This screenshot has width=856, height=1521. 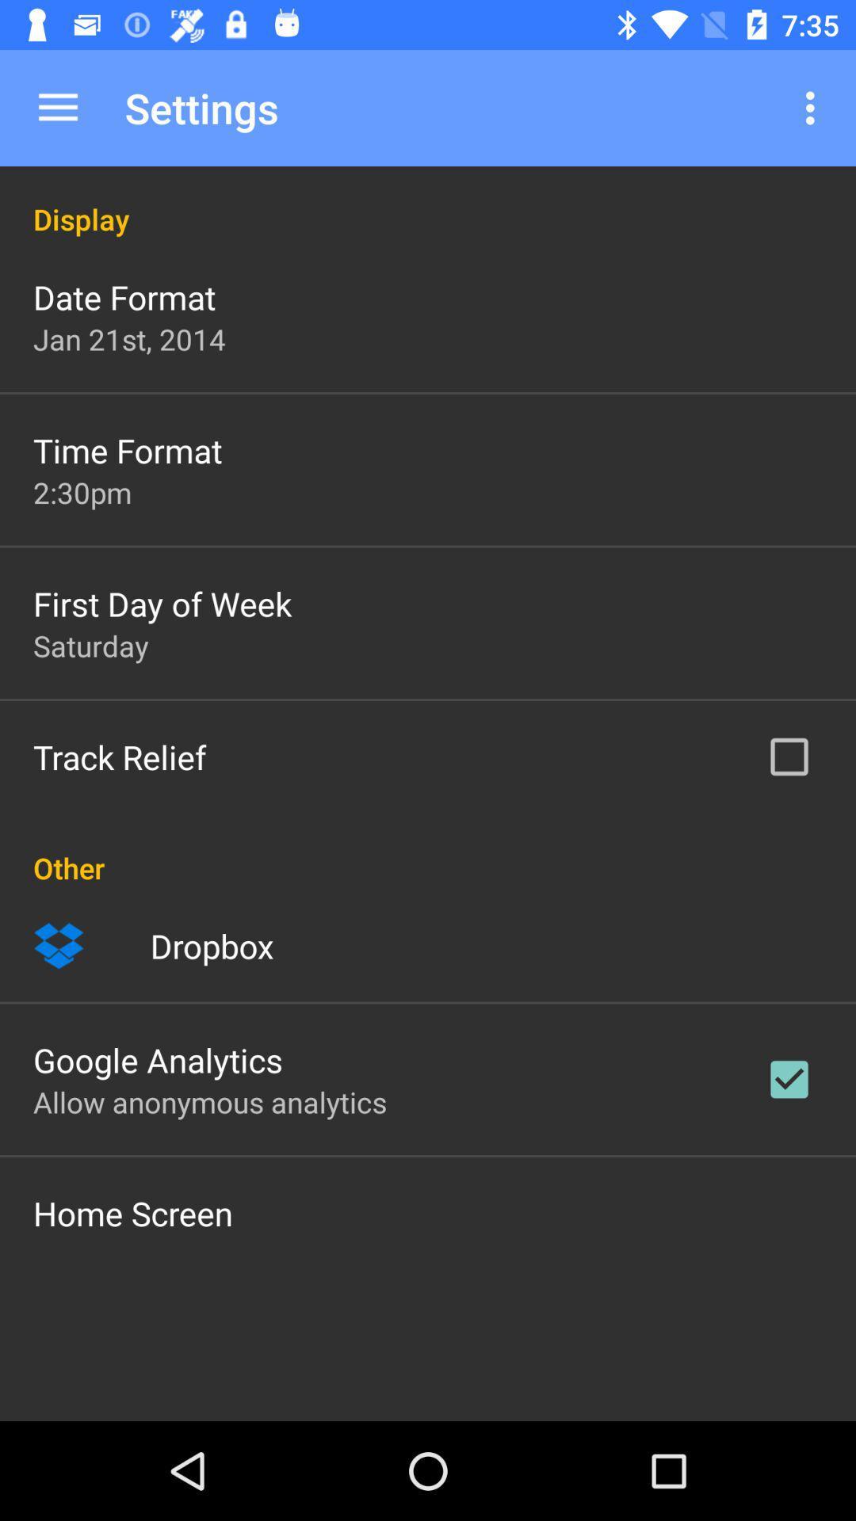 I want to click on app above first day of icon, so click(x=82, y=491).